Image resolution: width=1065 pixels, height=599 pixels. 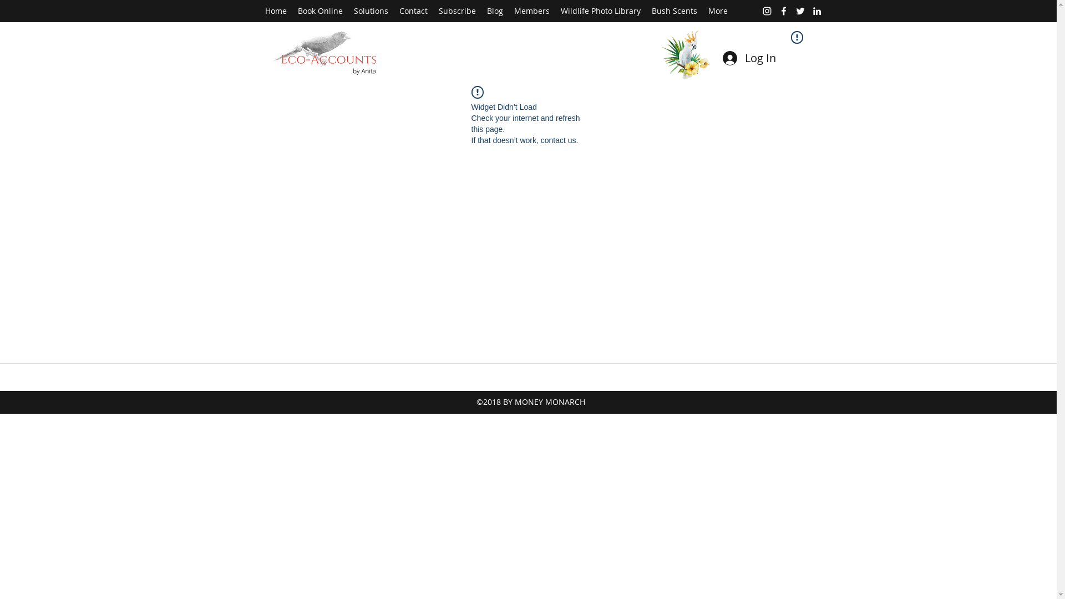 What do you see at coordinates (413, 11) in the screenshot?
I see `'Contact'` at bounding box center [413, 11].